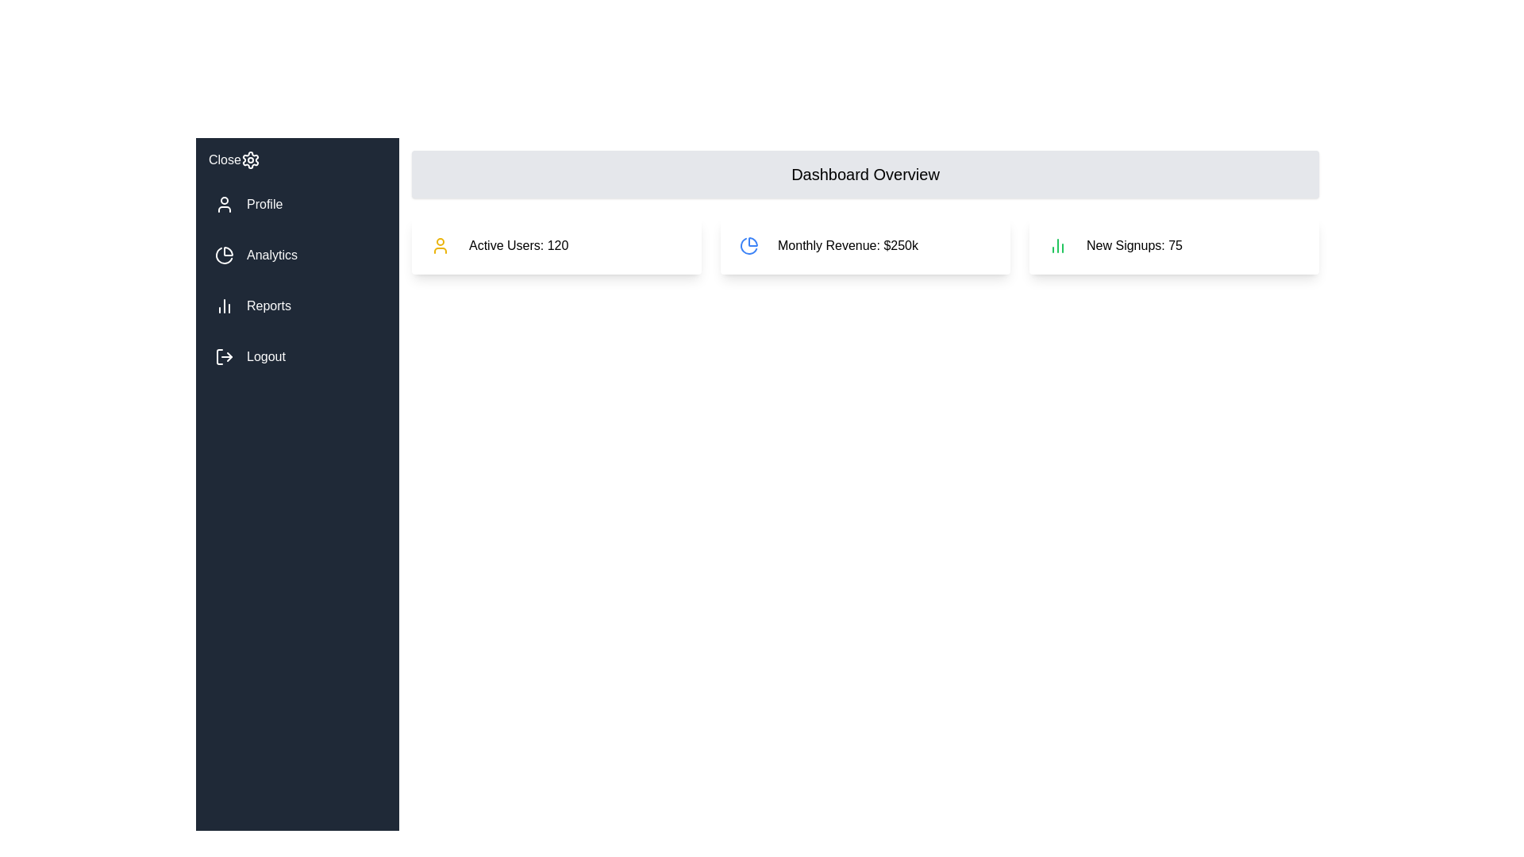  Describe the element at coordinates (864, 174) in the screenshot. I see `the Header panel which has a gray background, rounded corners, and contains the text 'Dashboard Overview' in bold black lettering` at that location.